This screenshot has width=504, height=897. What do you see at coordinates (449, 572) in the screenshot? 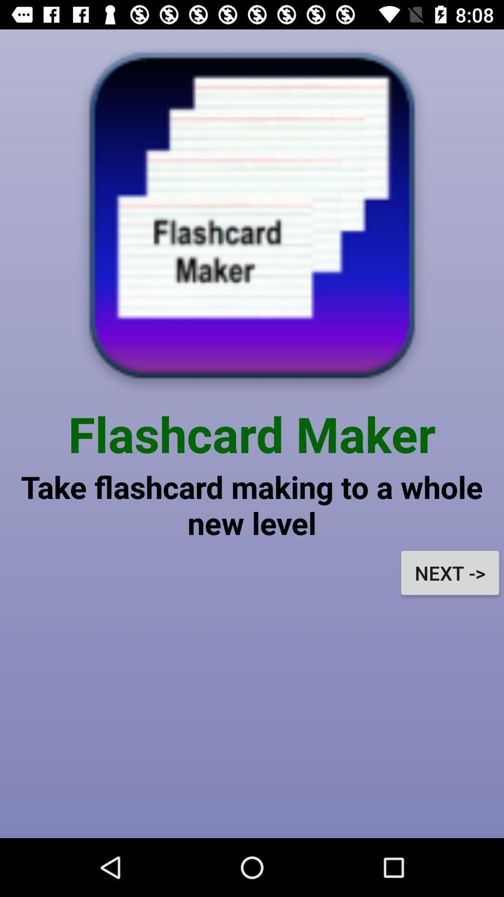
I see `the next ->` at bounding box center [449, 572].